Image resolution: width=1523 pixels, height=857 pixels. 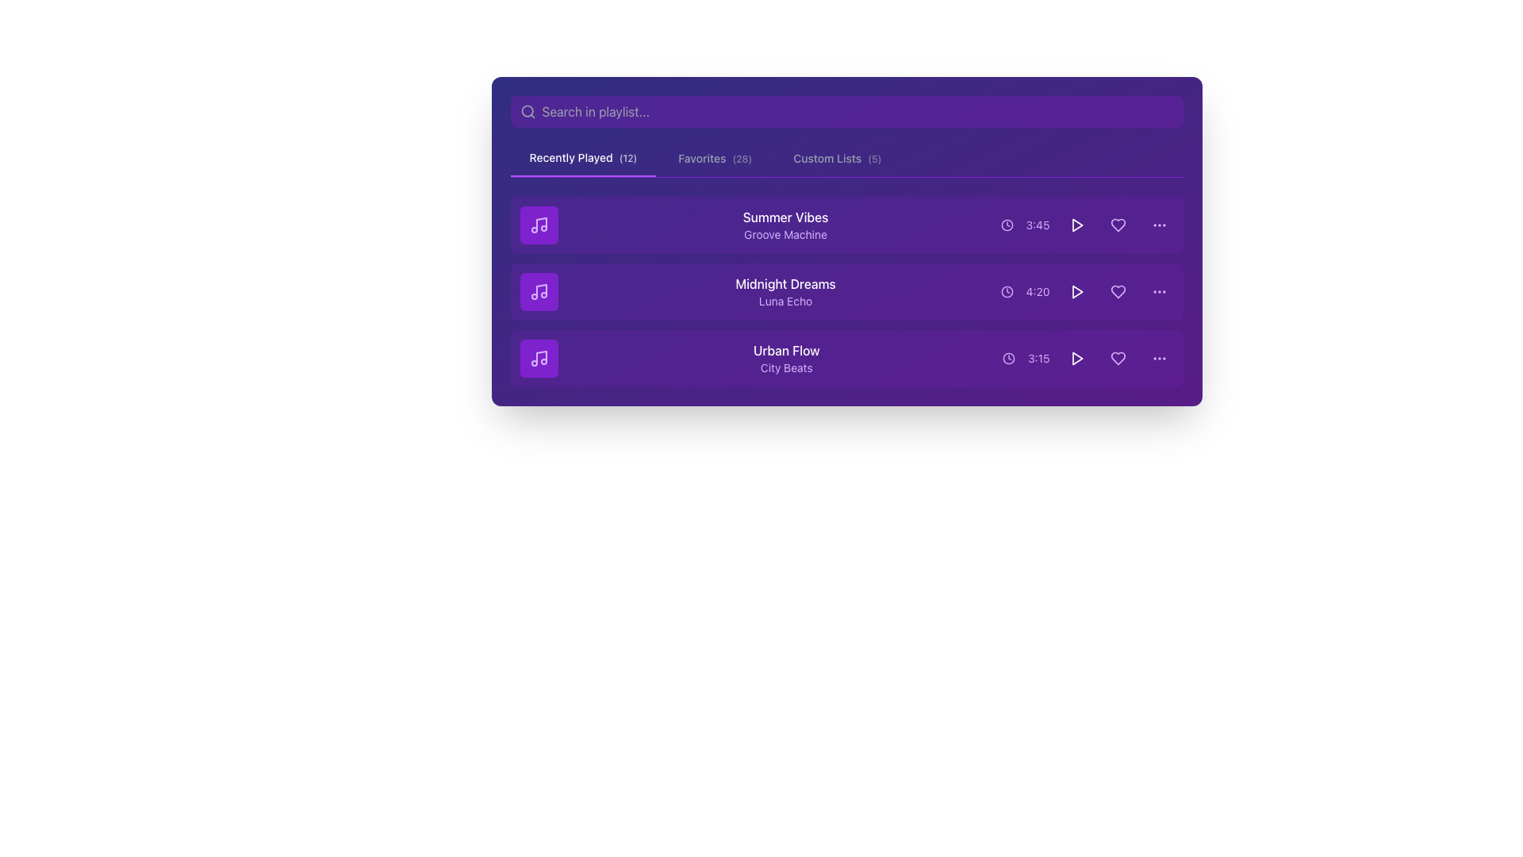 What do you see at coordinates (846, 159) in the screenshot?
I see `the Navigation menu located at the top portion of the interface` at bounding box center [846, 159].